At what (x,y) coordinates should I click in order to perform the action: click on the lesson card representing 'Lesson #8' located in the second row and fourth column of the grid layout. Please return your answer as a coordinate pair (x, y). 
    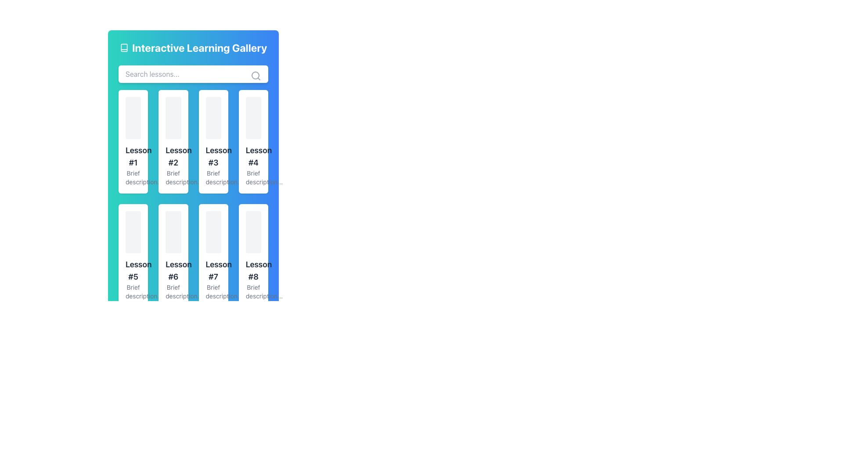
    Looking at the image, I should click on (253, 255).